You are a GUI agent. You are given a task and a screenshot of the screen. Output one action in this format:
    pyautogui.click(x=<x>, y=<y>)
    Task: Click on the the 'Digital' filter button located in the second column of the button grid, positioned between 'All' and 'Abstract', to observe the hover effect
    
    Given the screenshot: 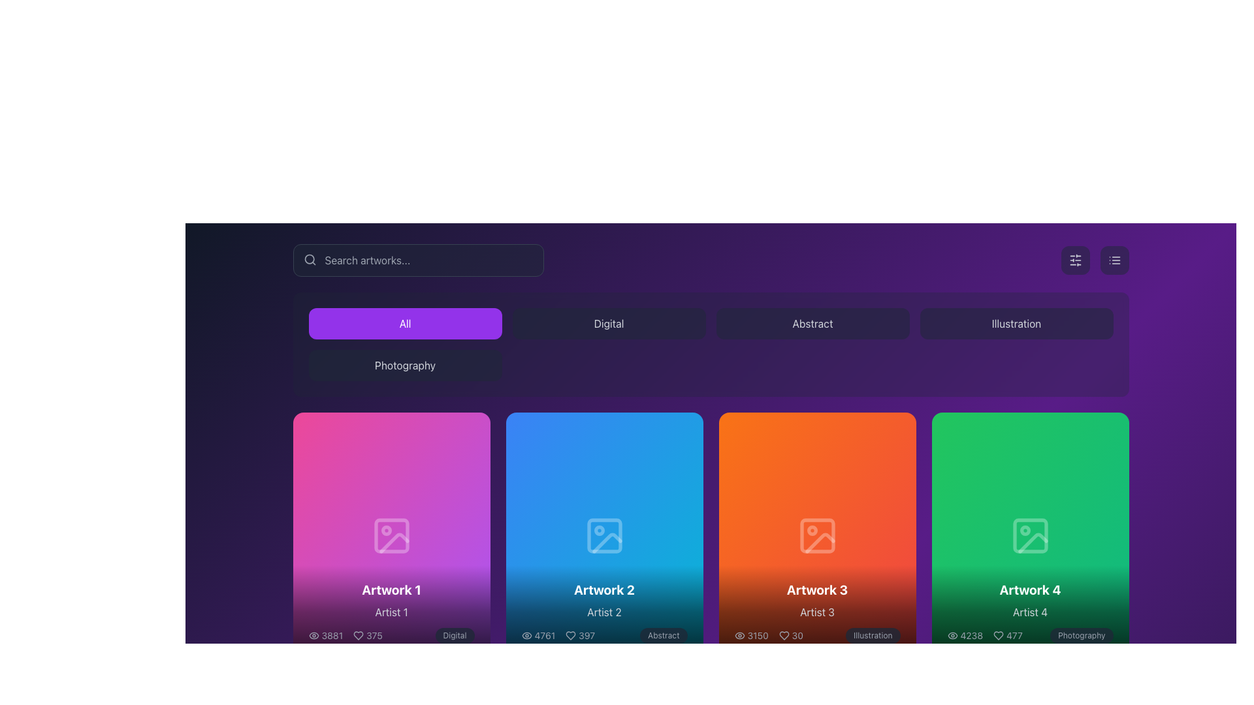 What is the action you would take?
    pyautogui.click(x=608, y=323)
    